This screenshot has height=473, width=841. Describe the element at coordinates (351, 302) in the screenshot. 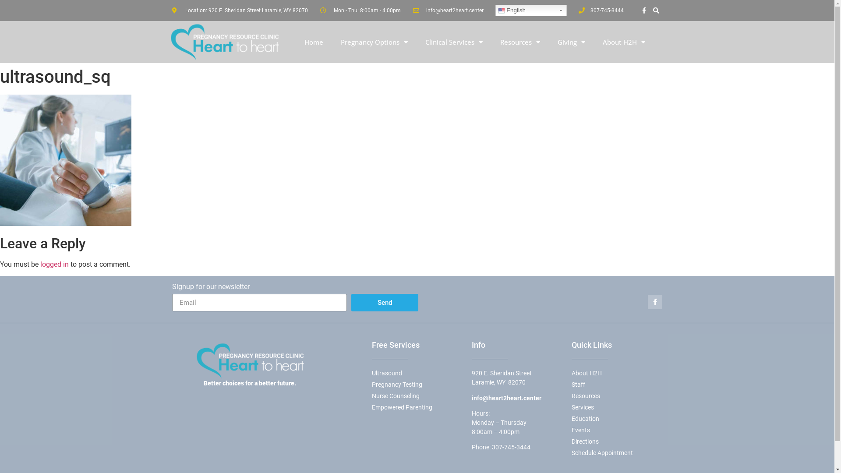

I see `'Send'` at that location.